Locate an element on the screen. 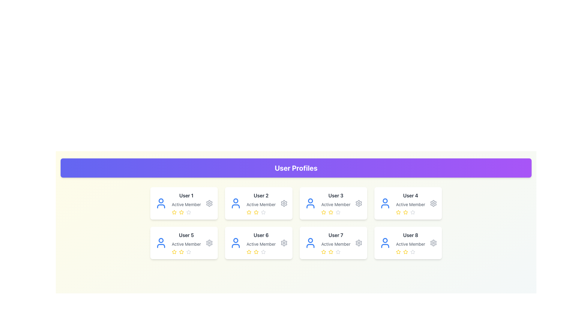 The width and height of the screenshot is (576, 324). the user icon silhouetted in blue located within the user card labeled 'User 5' is located at coordinates (161, 243).